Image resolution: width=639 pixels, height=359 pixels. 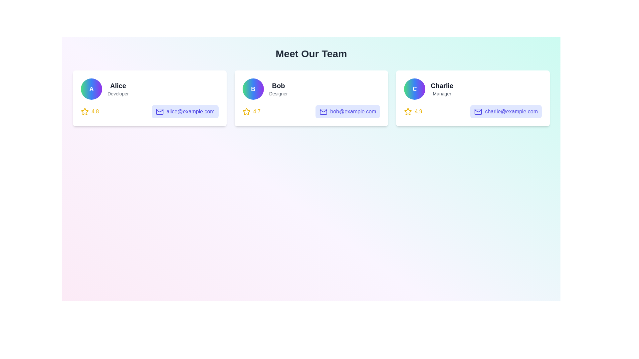 I want to click on the star-shaped icon with a transparent fill and a yellow stroke located in the top-left corner of Bob's card to interact with the associated rating features, so click(x=246, y=111).